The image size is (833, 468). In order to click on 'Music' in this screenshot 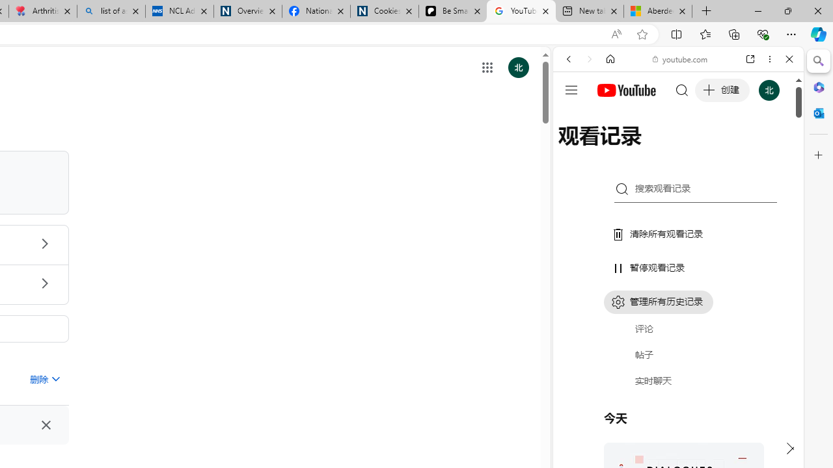, I will do `click(677, 353)`.